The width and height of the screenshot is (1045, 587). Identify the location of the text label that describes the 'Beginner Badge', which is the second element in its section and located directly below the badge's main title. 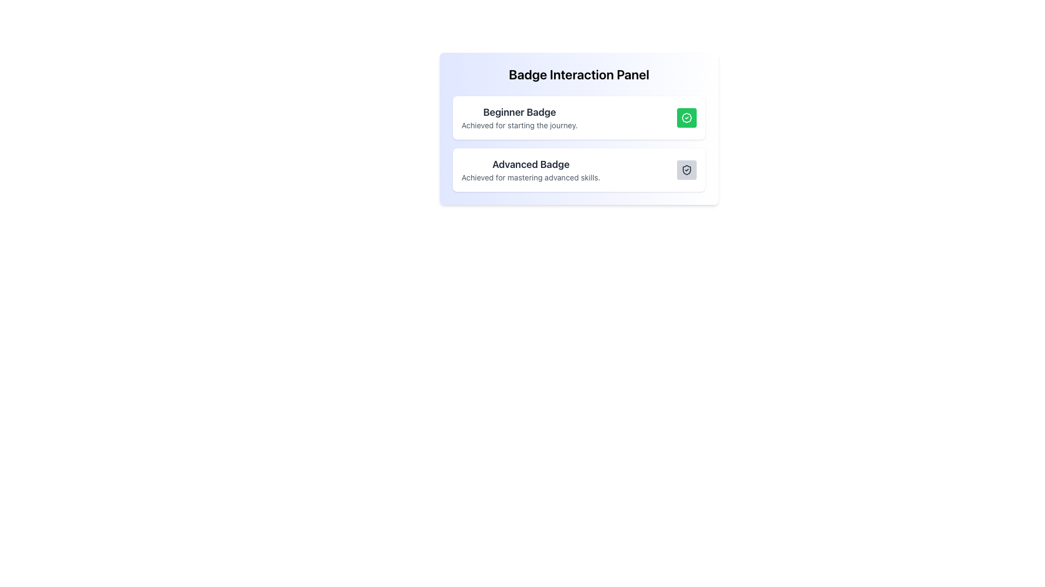
(519, 125).